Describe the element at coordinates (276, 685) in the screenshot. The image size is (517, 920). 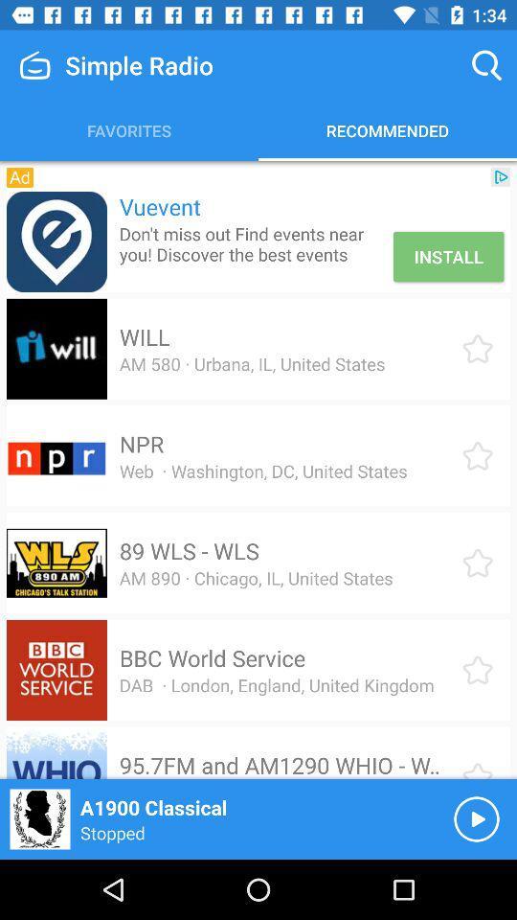
I see `item below the bbc world service` at that location.